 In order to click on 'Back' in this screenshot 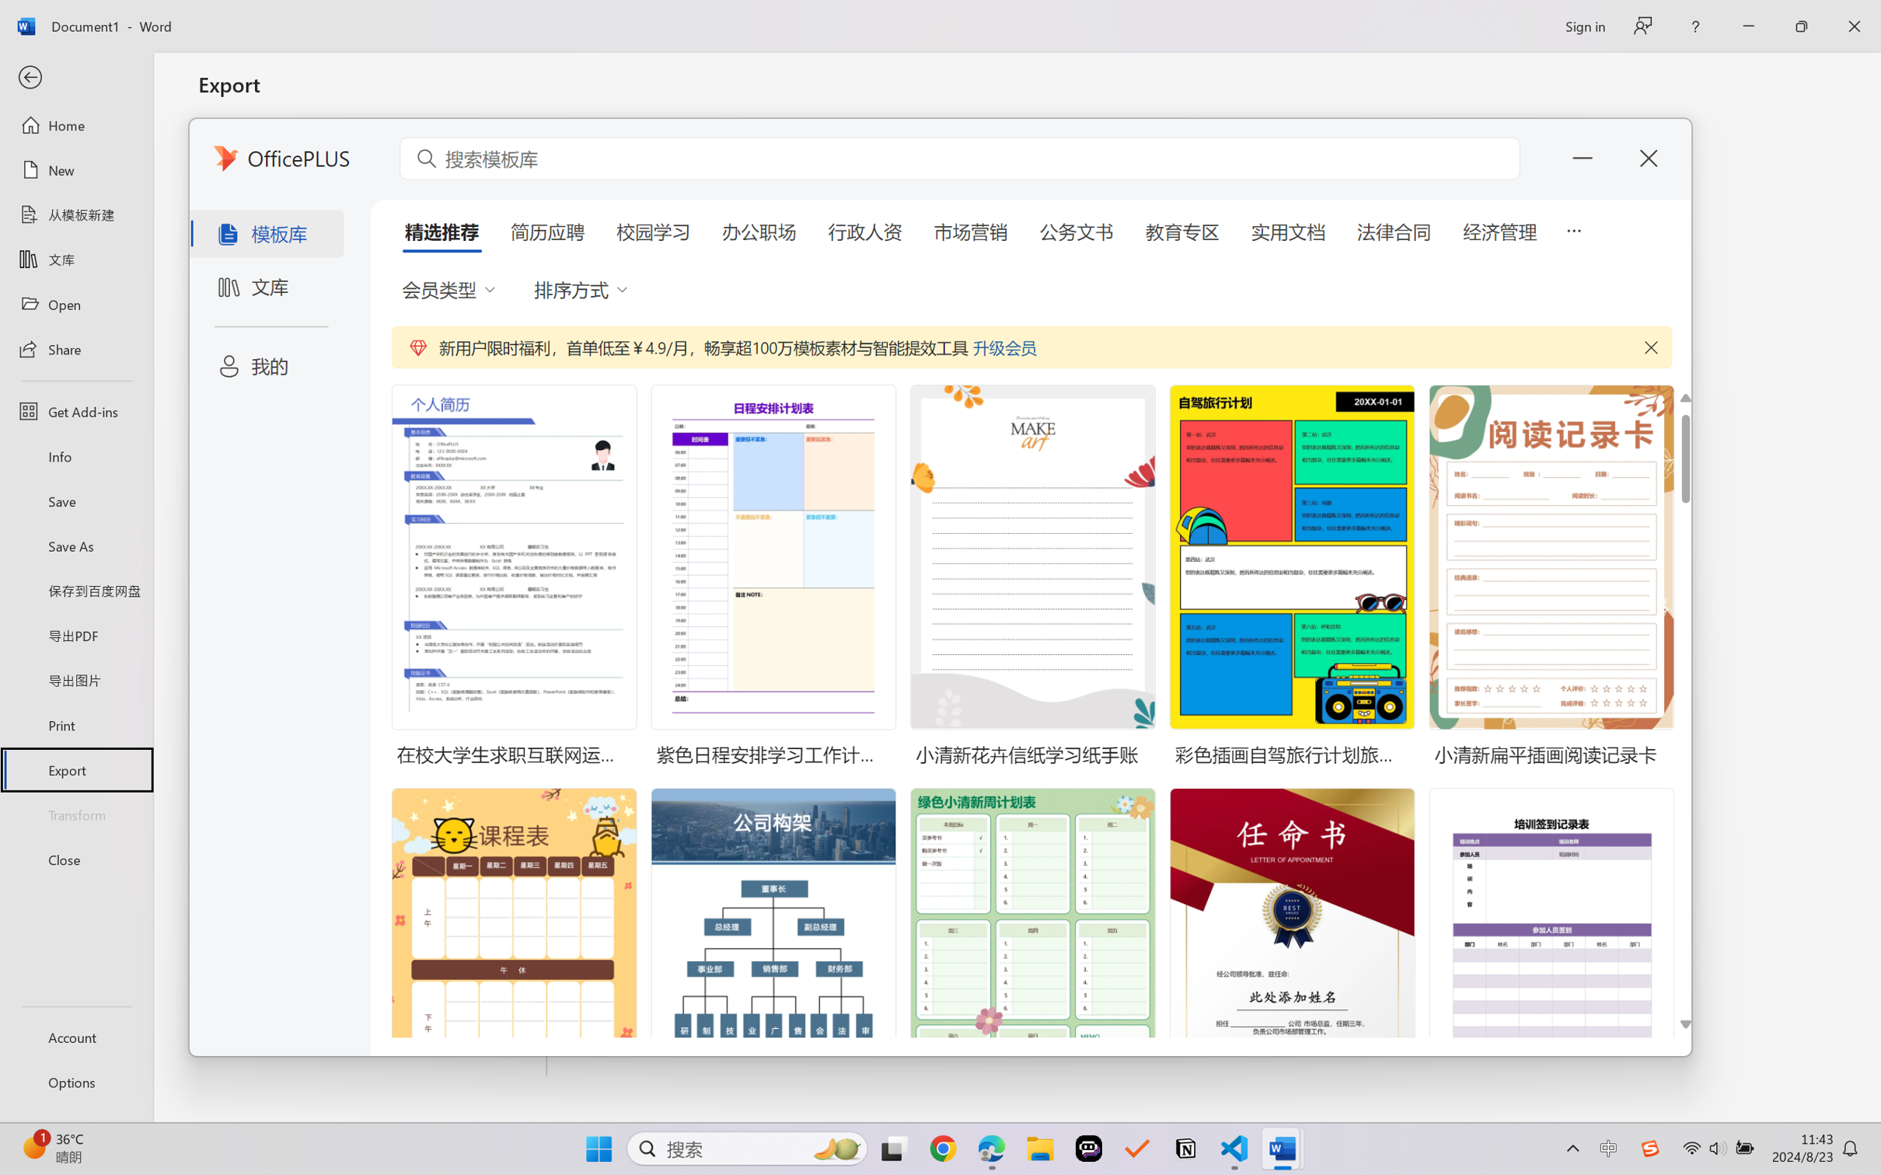, I will do `click(75, 78)`.